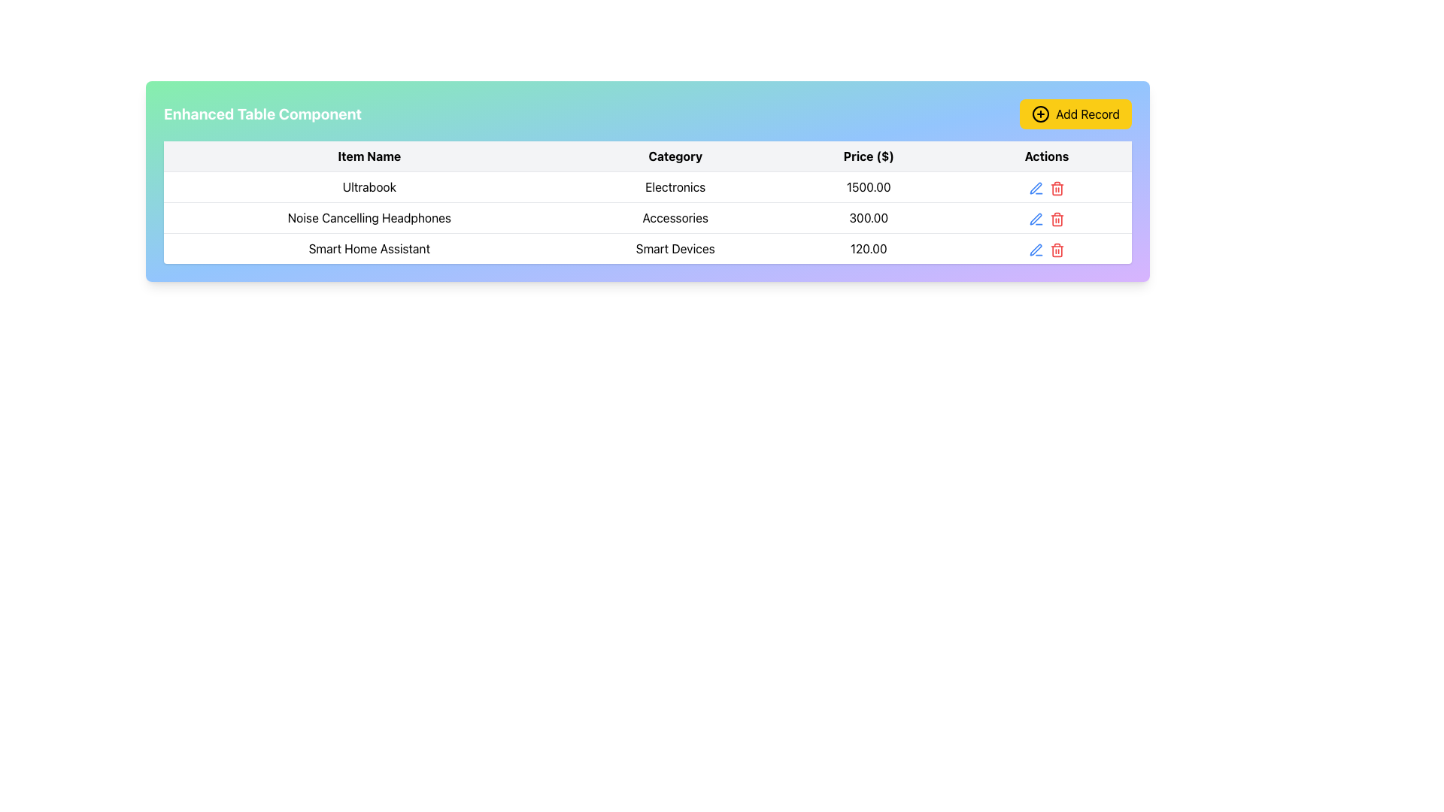 This screenshot has width=1444, height=812. I want to click on the static text label 'Smart Home Assistant' located in the third row of the table under the 'Item Name' column, so click(369, 247).